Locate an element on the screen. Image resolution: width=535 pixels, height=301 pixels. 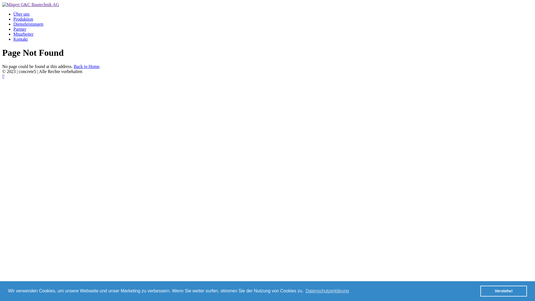
'Back to Home' is located at coordinates (86, 66).